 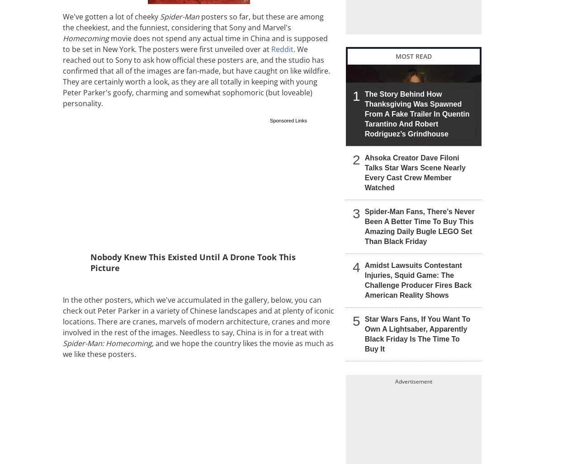 What do you see at coordinates (418, 280) in the screenshot?
I see `'Amidst Lawsuits Contestant Injuries, Squid Game: The Challenge Producer Fires Back American Reality Shows'` at bounding box center [418, 280].